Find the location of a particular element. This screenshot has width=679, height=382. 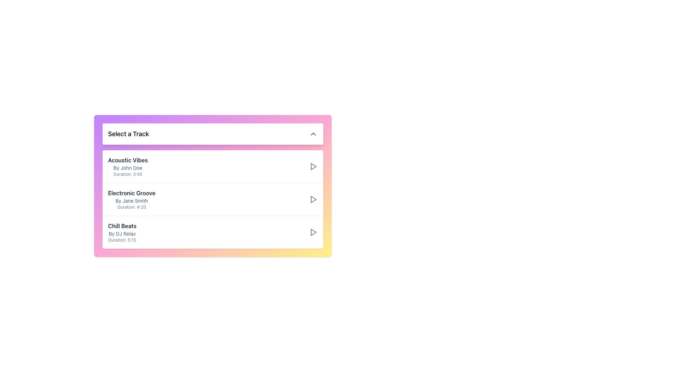

the play button located to the far right of the 'Electronic Groove' list entry to play the associated audio track is located at coordinates (313, 199).